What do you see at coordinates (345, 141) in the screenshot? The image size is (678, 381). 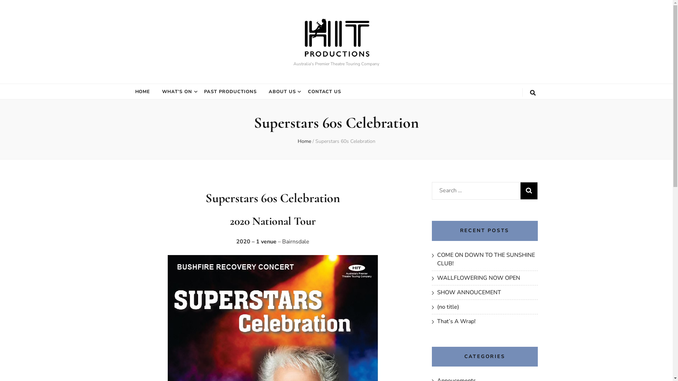 I see `'Superstars 60s Celebration'` at bounding box center [345, 141].